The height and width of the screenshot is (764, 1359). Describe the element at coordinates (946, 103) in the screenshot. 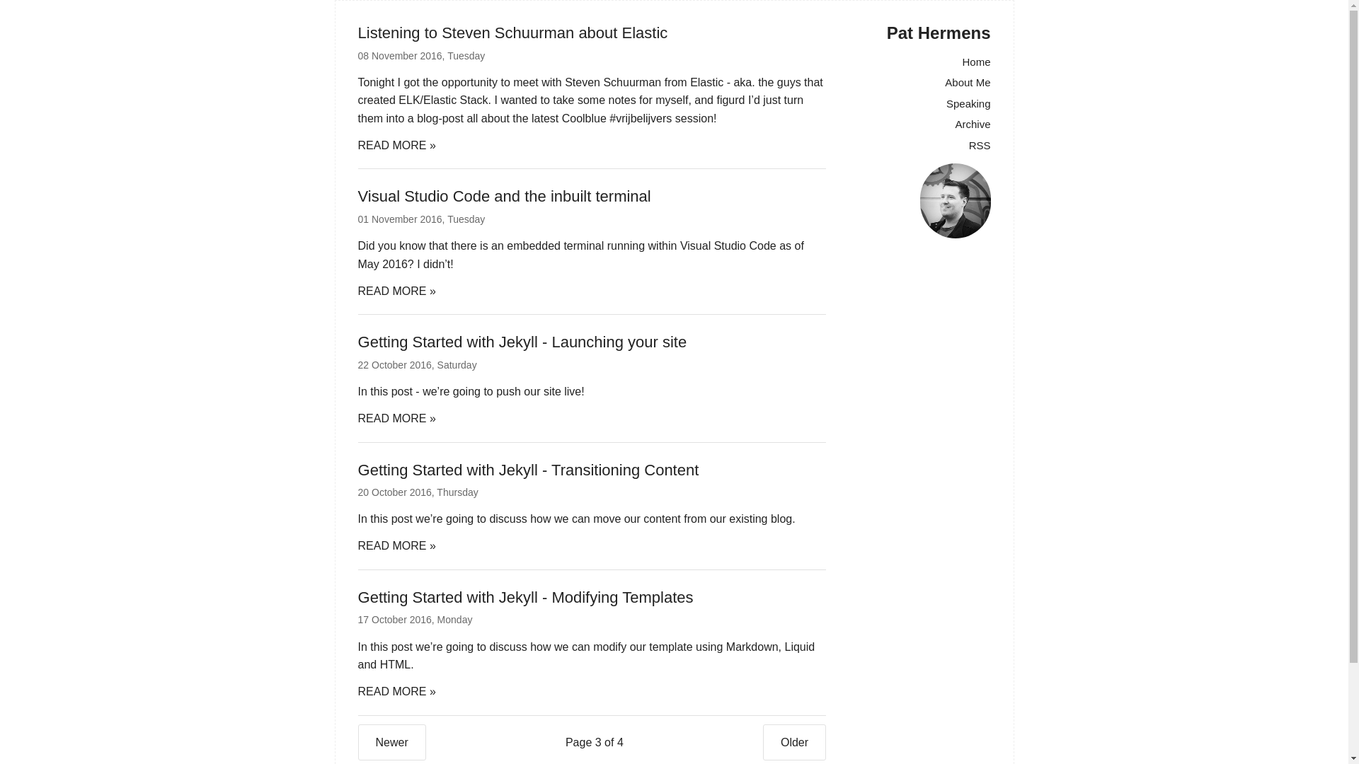

I see `'Speaking'` at that location.